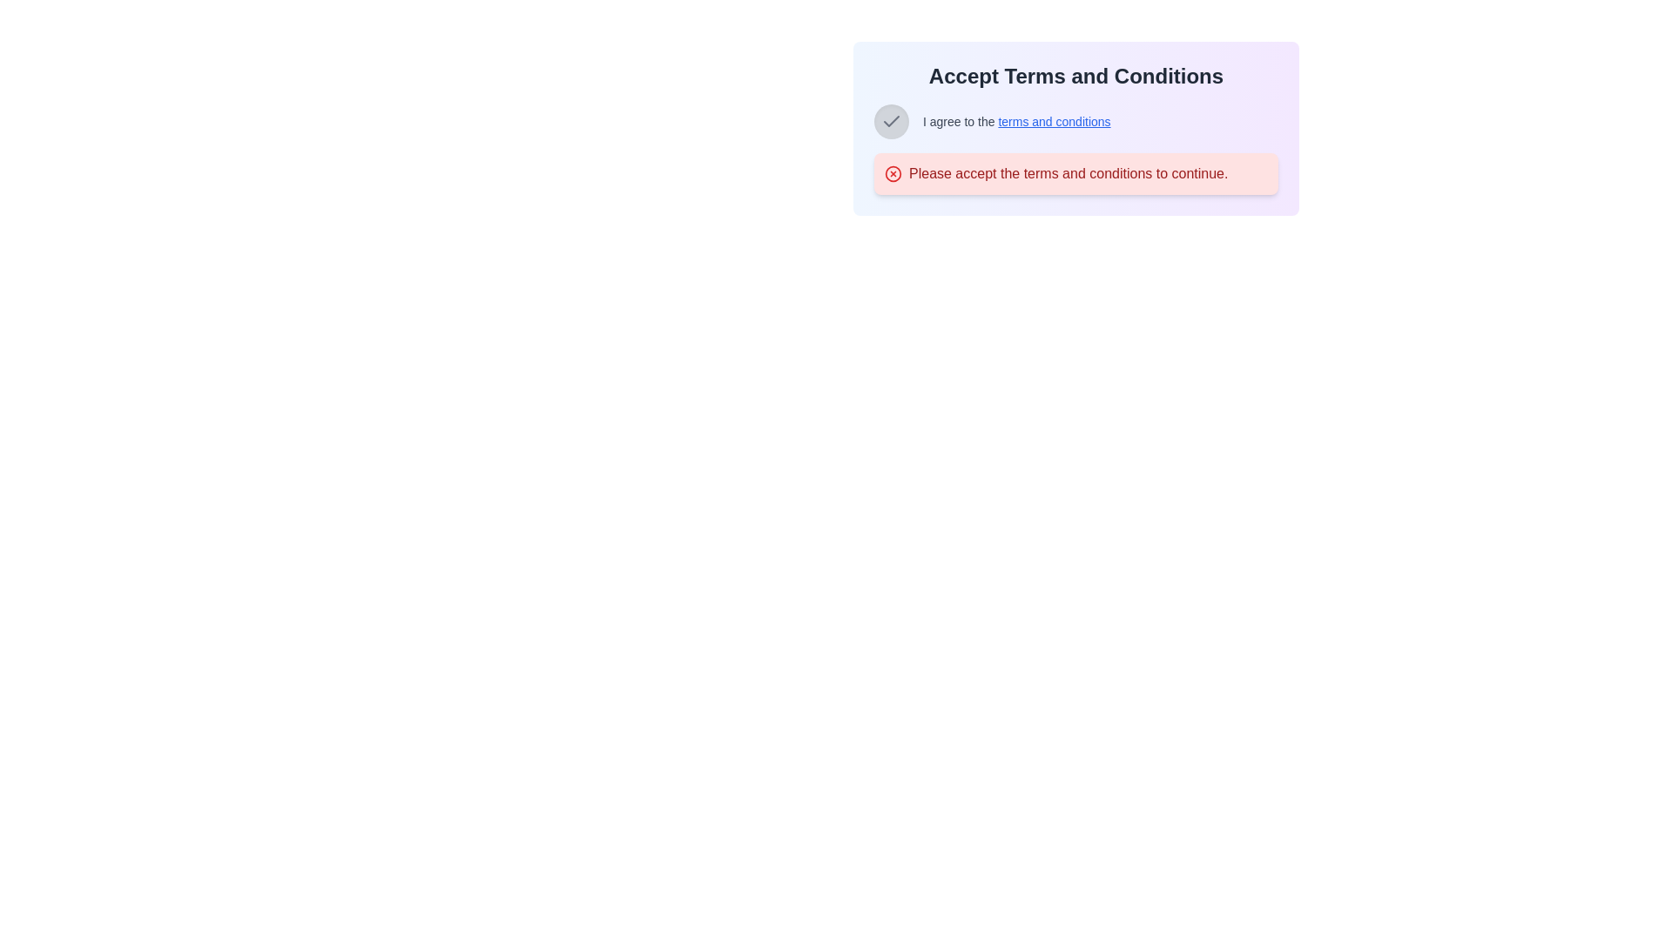 The height and width of the screenshot is (940, 1672). What do you see at coordinates (893, 174) in the screenshot?
I see `the circular error icon with a red border and cross, located to the left of the message 'Please accept the terms and conditions to continue.'` at bounding box center [893, 174].